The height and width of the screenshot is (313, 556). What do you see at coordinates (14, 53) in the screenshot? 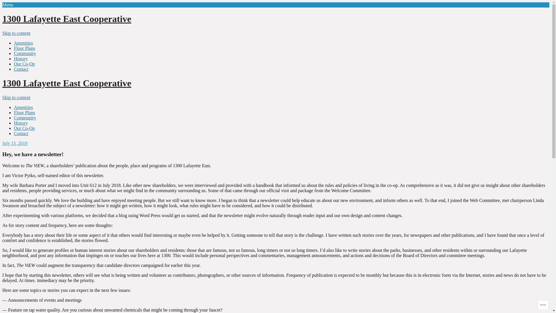
I see `'Community'` at bounding box center [14, 53].